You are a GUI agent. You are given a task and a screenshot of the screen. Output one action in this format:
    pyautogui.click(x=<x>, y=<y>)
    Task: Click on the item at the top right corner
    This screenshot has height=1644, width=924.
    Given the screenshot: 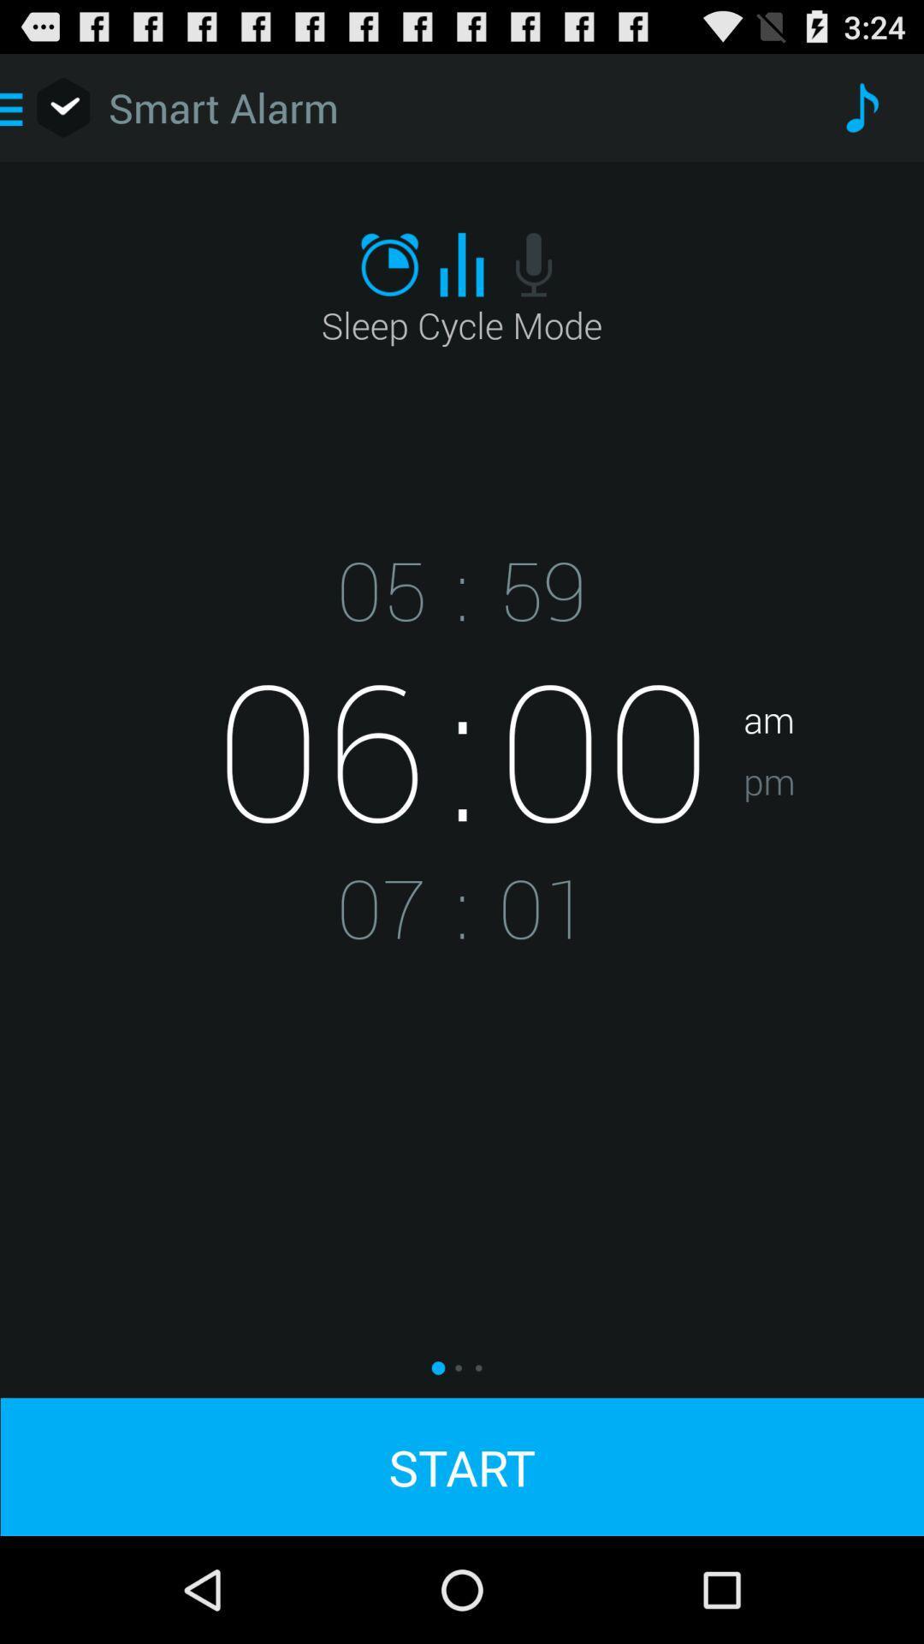 What is the action you would take?
    pyautogui.click(x=861, y=106)
    